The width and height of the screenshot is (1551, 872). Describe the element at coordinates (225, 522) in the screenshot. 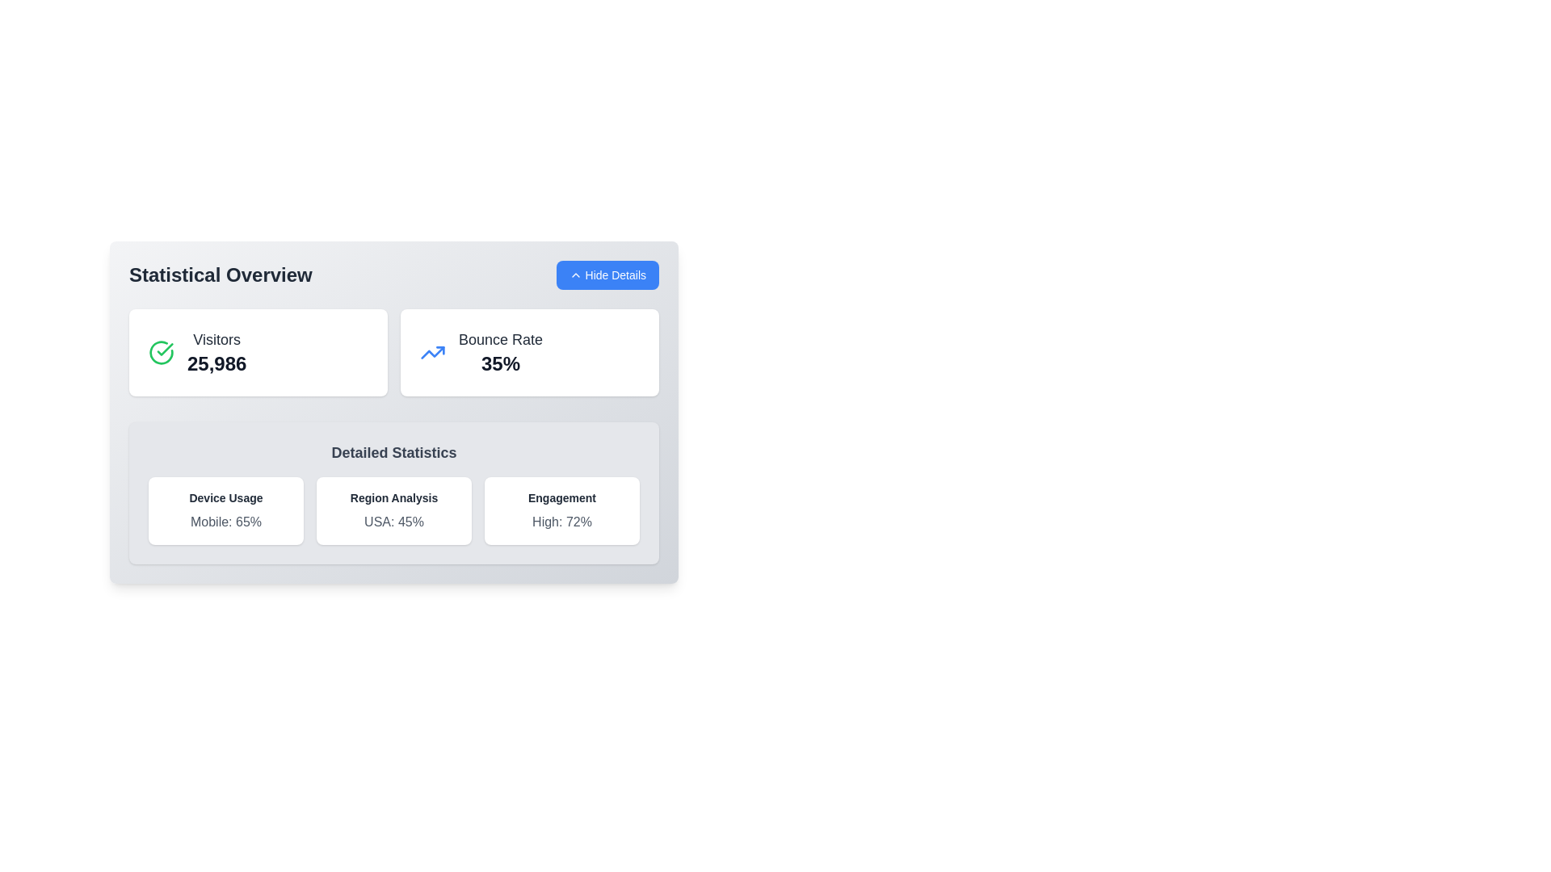

I see `the Text Label that displays the device usage percentage (65% for mobile devices) located beneath the 'Device Usage' header in the 'Device Usage' section of the 'Detailed Statistics' panel` at that location.